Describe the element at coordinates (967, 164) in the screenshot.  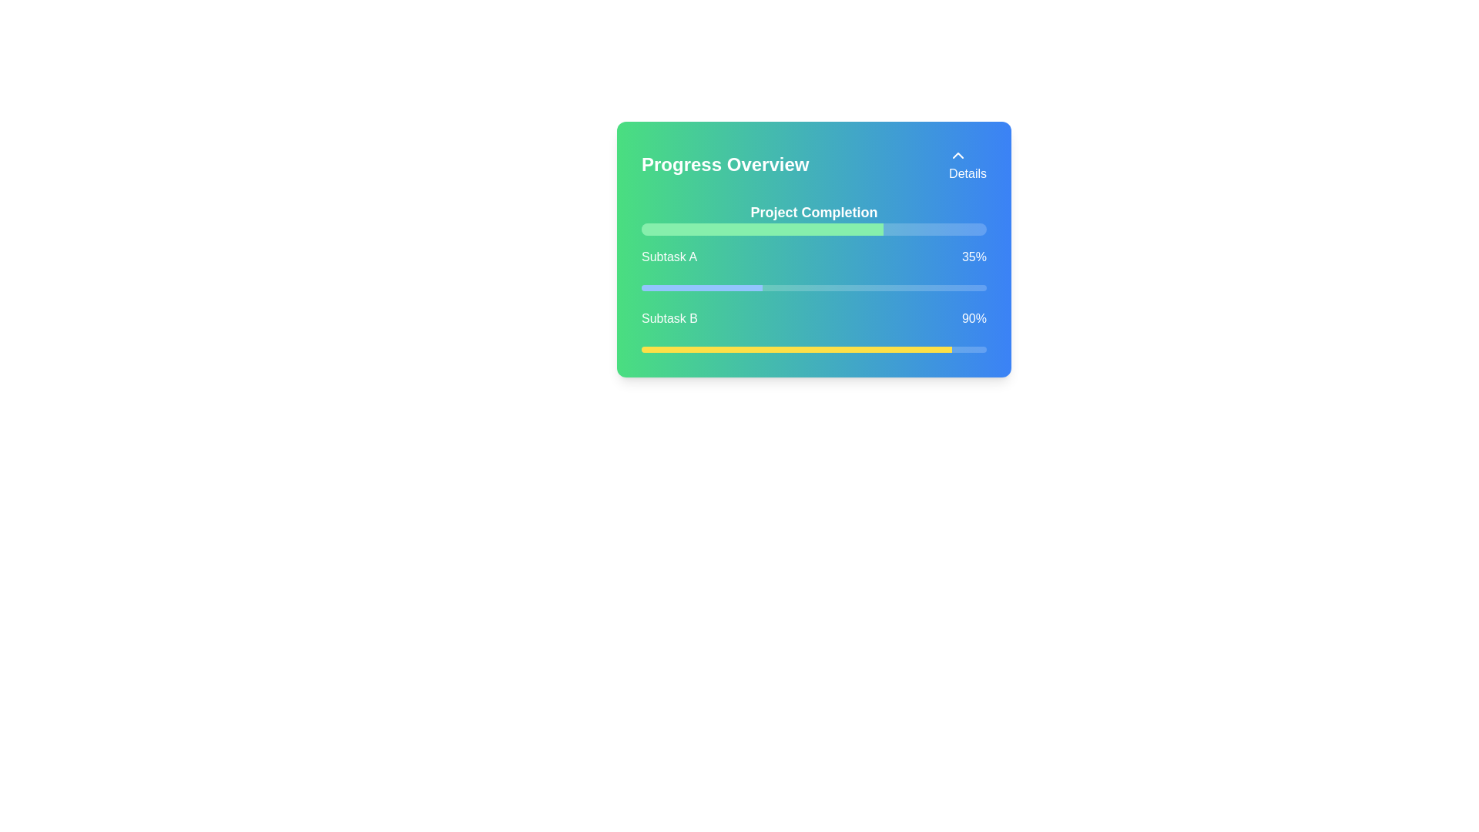
I see `the 'Details' button located` at that location.